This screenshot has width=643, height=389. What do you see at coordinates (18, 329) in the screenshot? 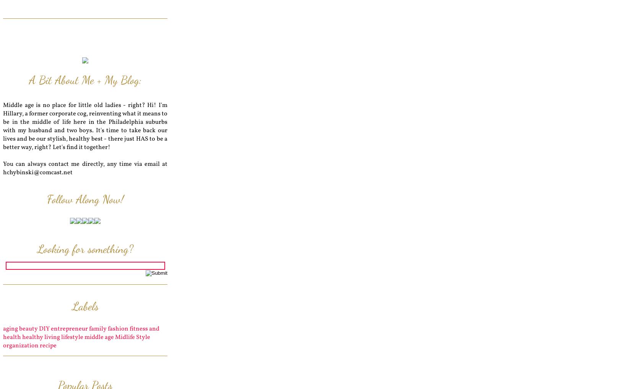
I see `'beauty'` at bounding box center [18, 329].